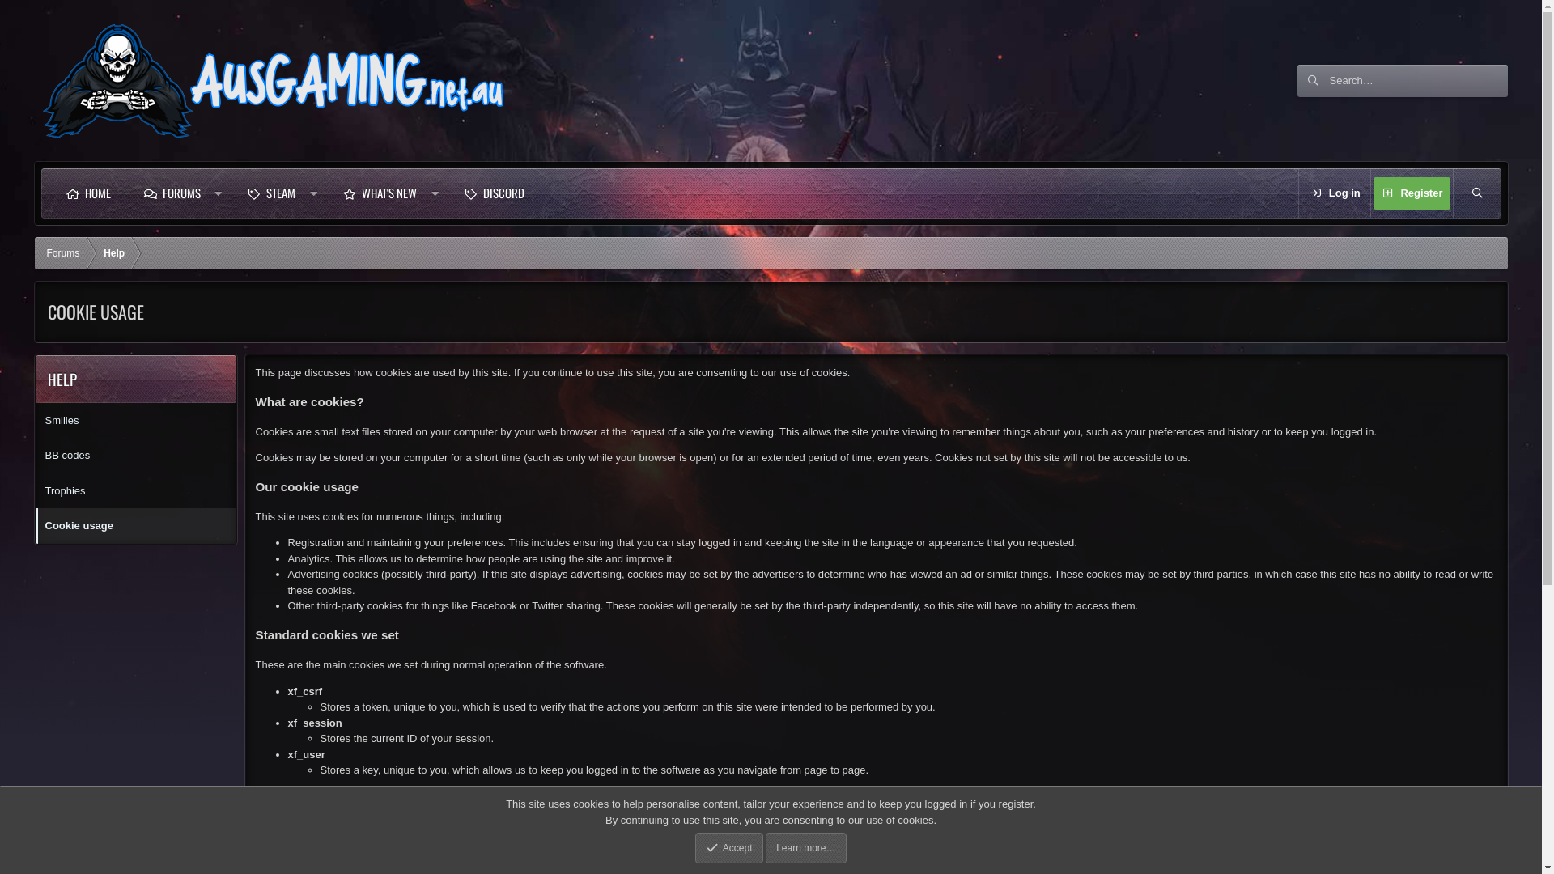 The width and height of the screenshot is (1554, 874). What do you see at coordinates (136, 489) in the screenshot?
I see `'Trophies'` at bounding box center [136, 489].